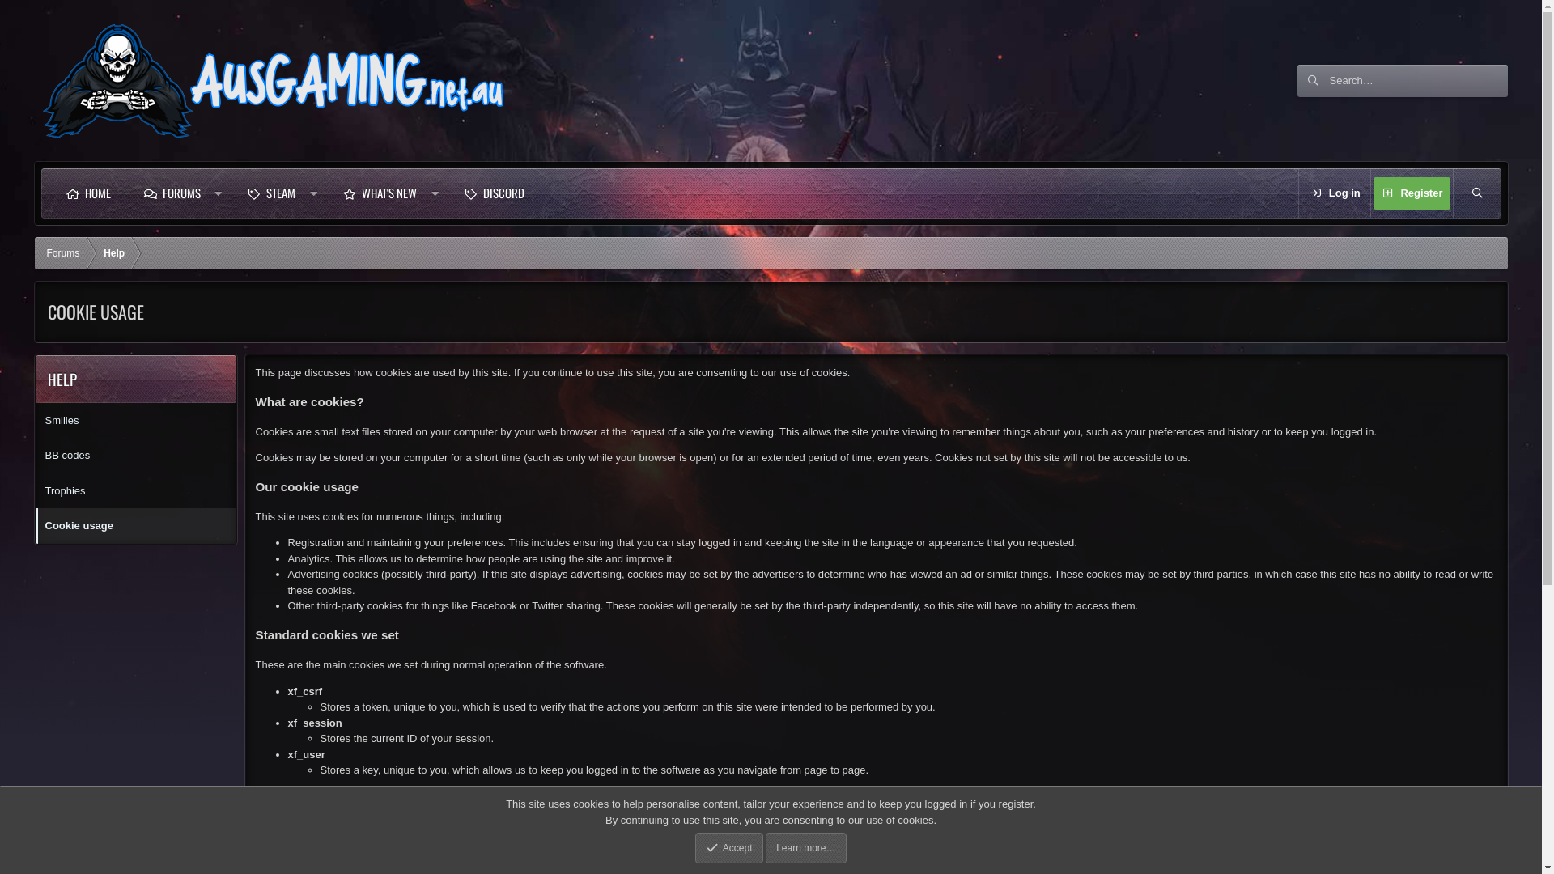 The width and height of the screenshot is (1554, 874). What do you see at coordinates (136, 489) in the screenshot?
I see `'Trophies'` at bounding box center [136, 489].